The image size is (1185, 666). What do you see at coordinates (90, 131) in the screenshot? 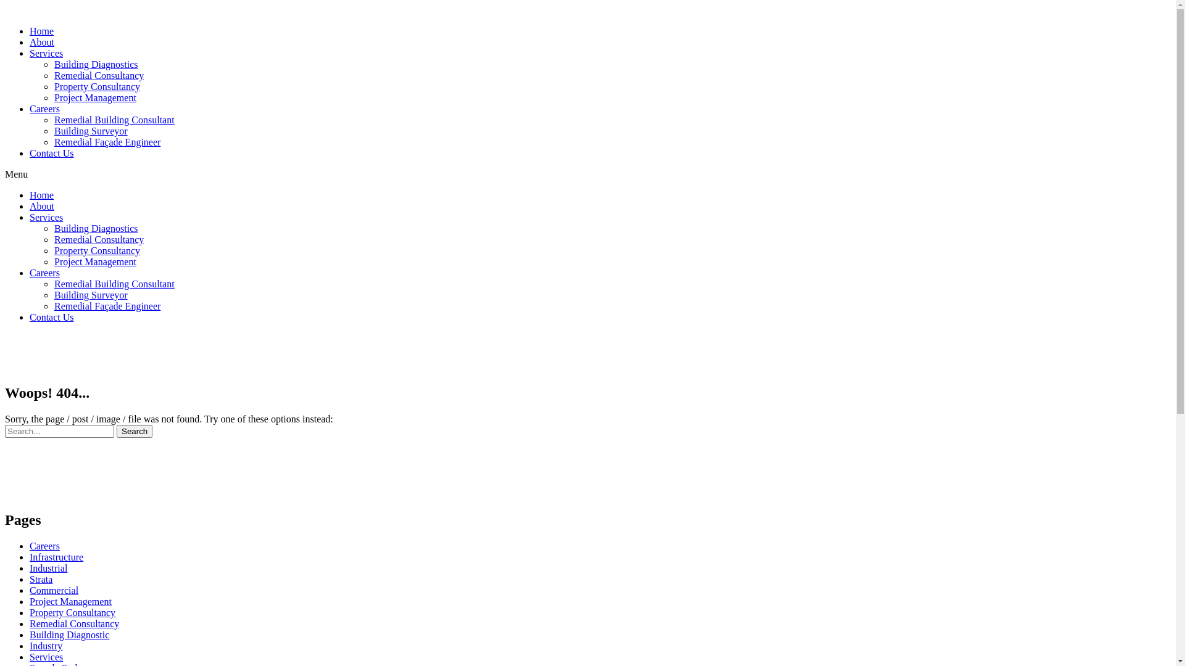
I see `'Building Surveyor'` at bounding box center [90, 131].